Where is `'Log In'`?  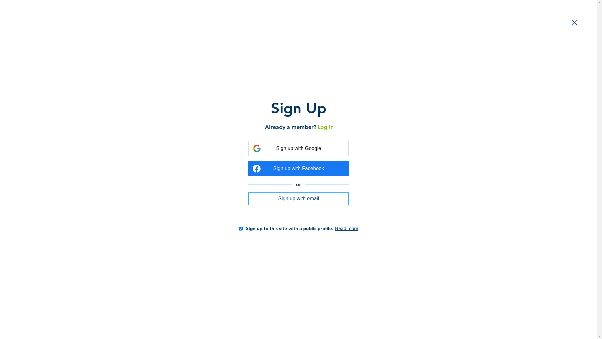
'Log In' is located at coordinates (325, 127).